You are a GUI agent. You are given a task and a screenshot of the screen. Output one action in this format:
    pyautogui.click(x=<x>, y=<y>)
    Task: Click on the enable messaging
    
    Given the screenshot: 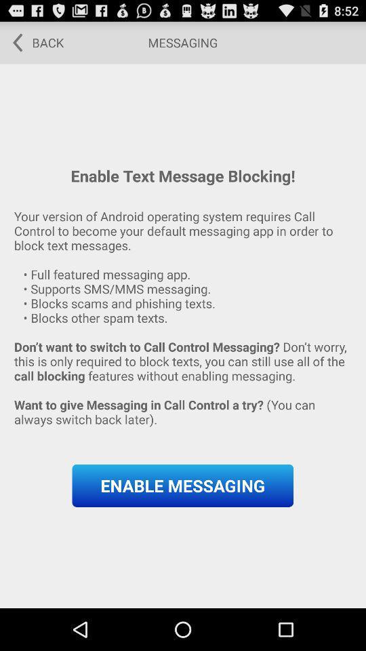 What is the action you would take?
    pyautogui.click(x=182, y=486)
    